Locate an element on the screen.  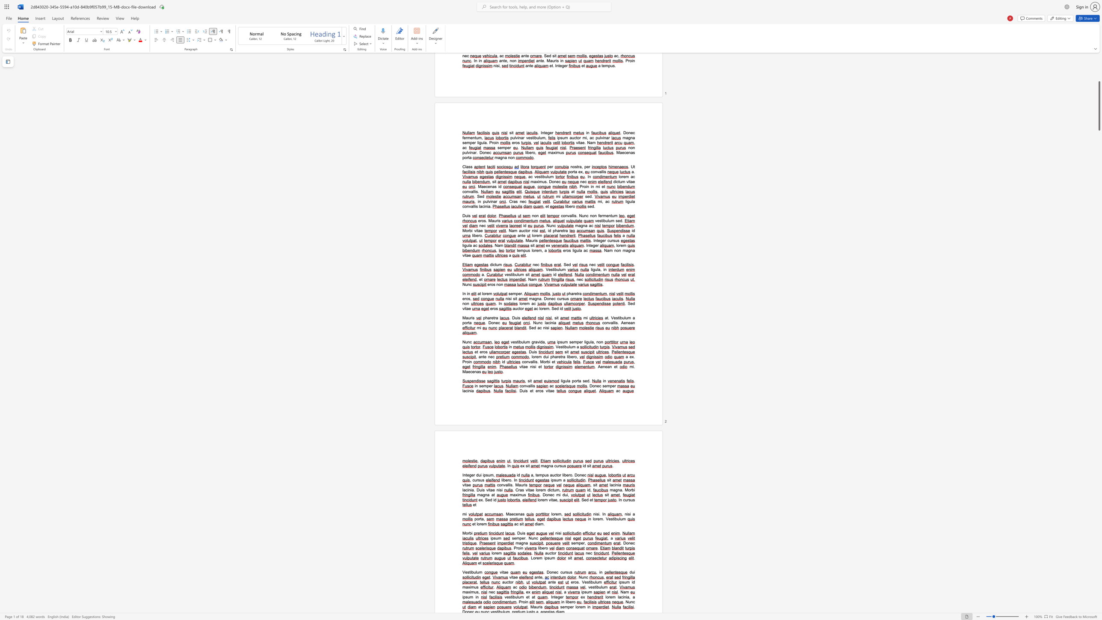
the 1th character "s" in the text is located at coordinates (593, 587).